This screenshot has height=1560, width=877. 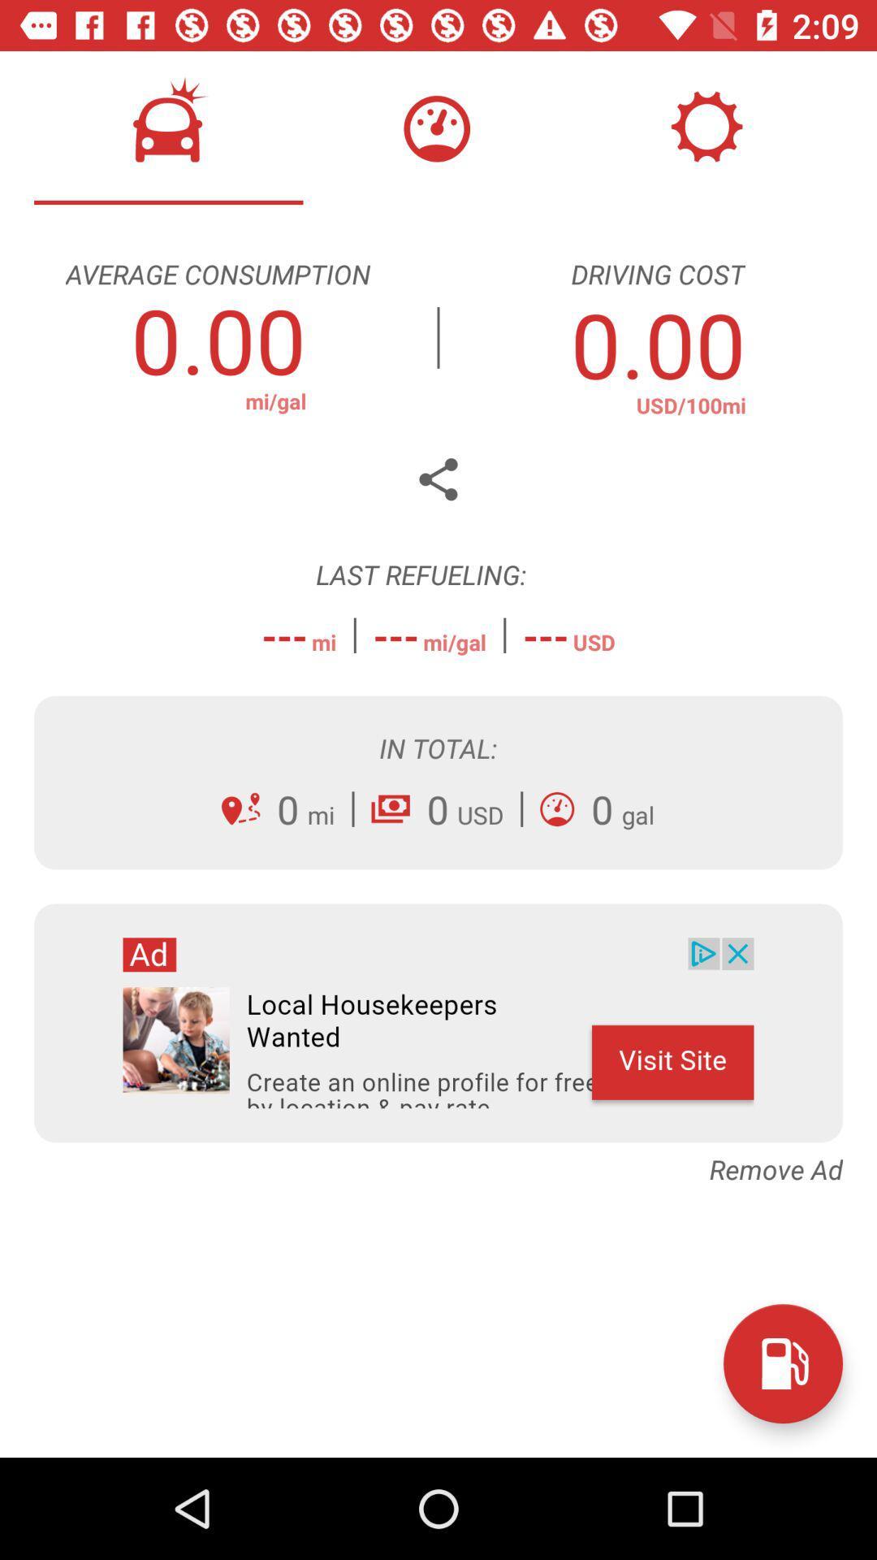 I want to click on the share icon, so click(x=438, y=479).